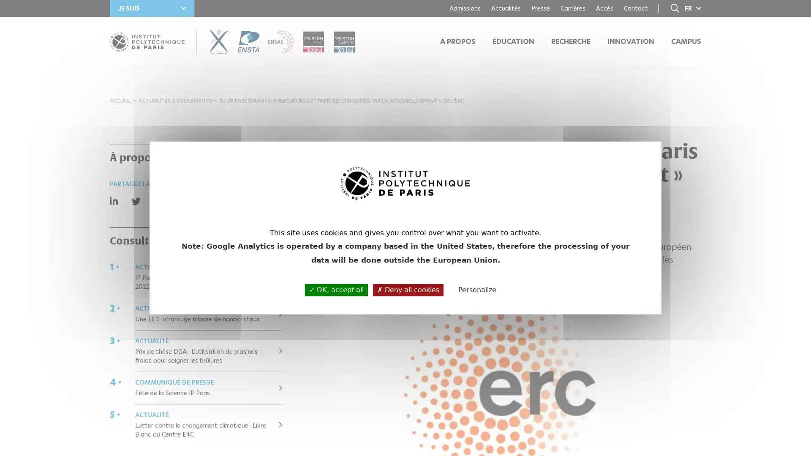  I want to click on Deny all cookies, so click(408, 289).